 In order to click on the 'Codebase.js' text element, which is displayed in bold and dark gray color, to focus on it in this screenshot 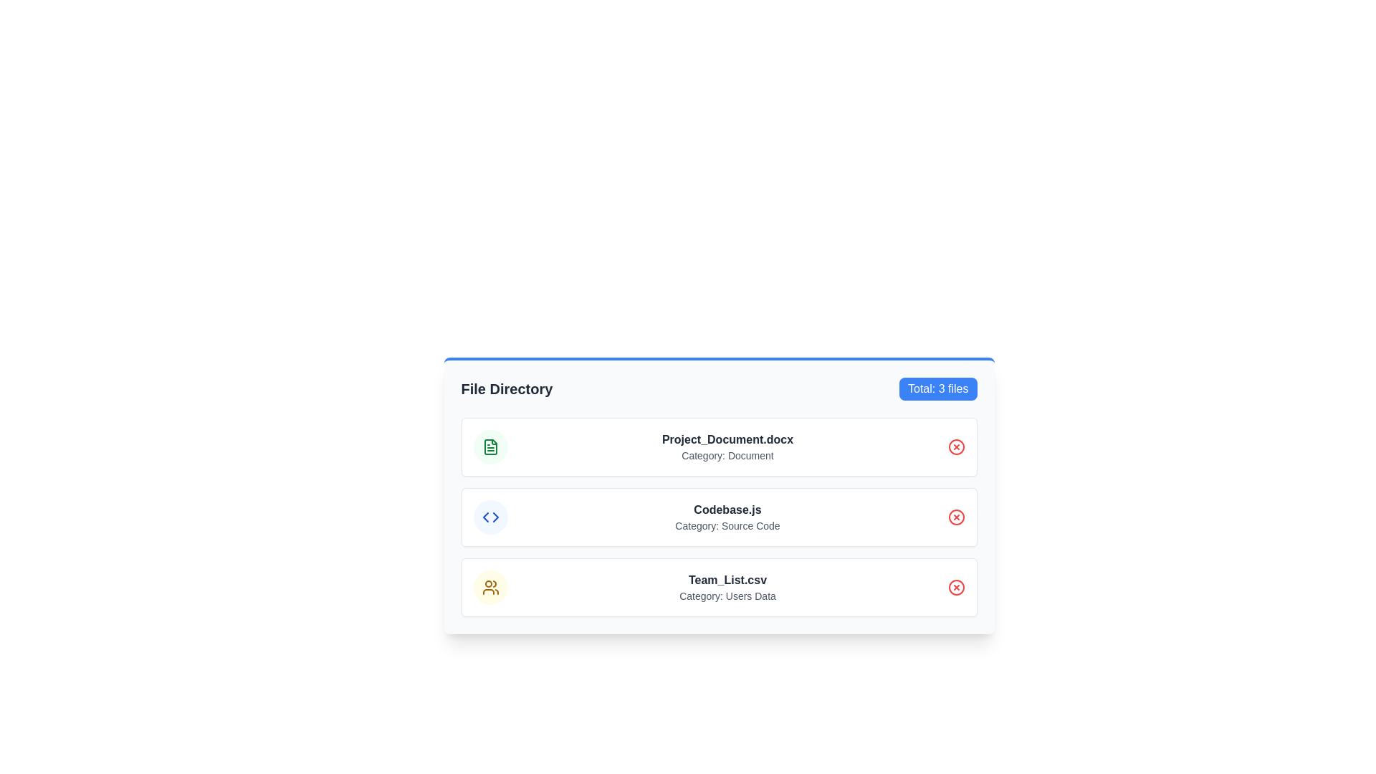, I will do `click(727, 510)`.